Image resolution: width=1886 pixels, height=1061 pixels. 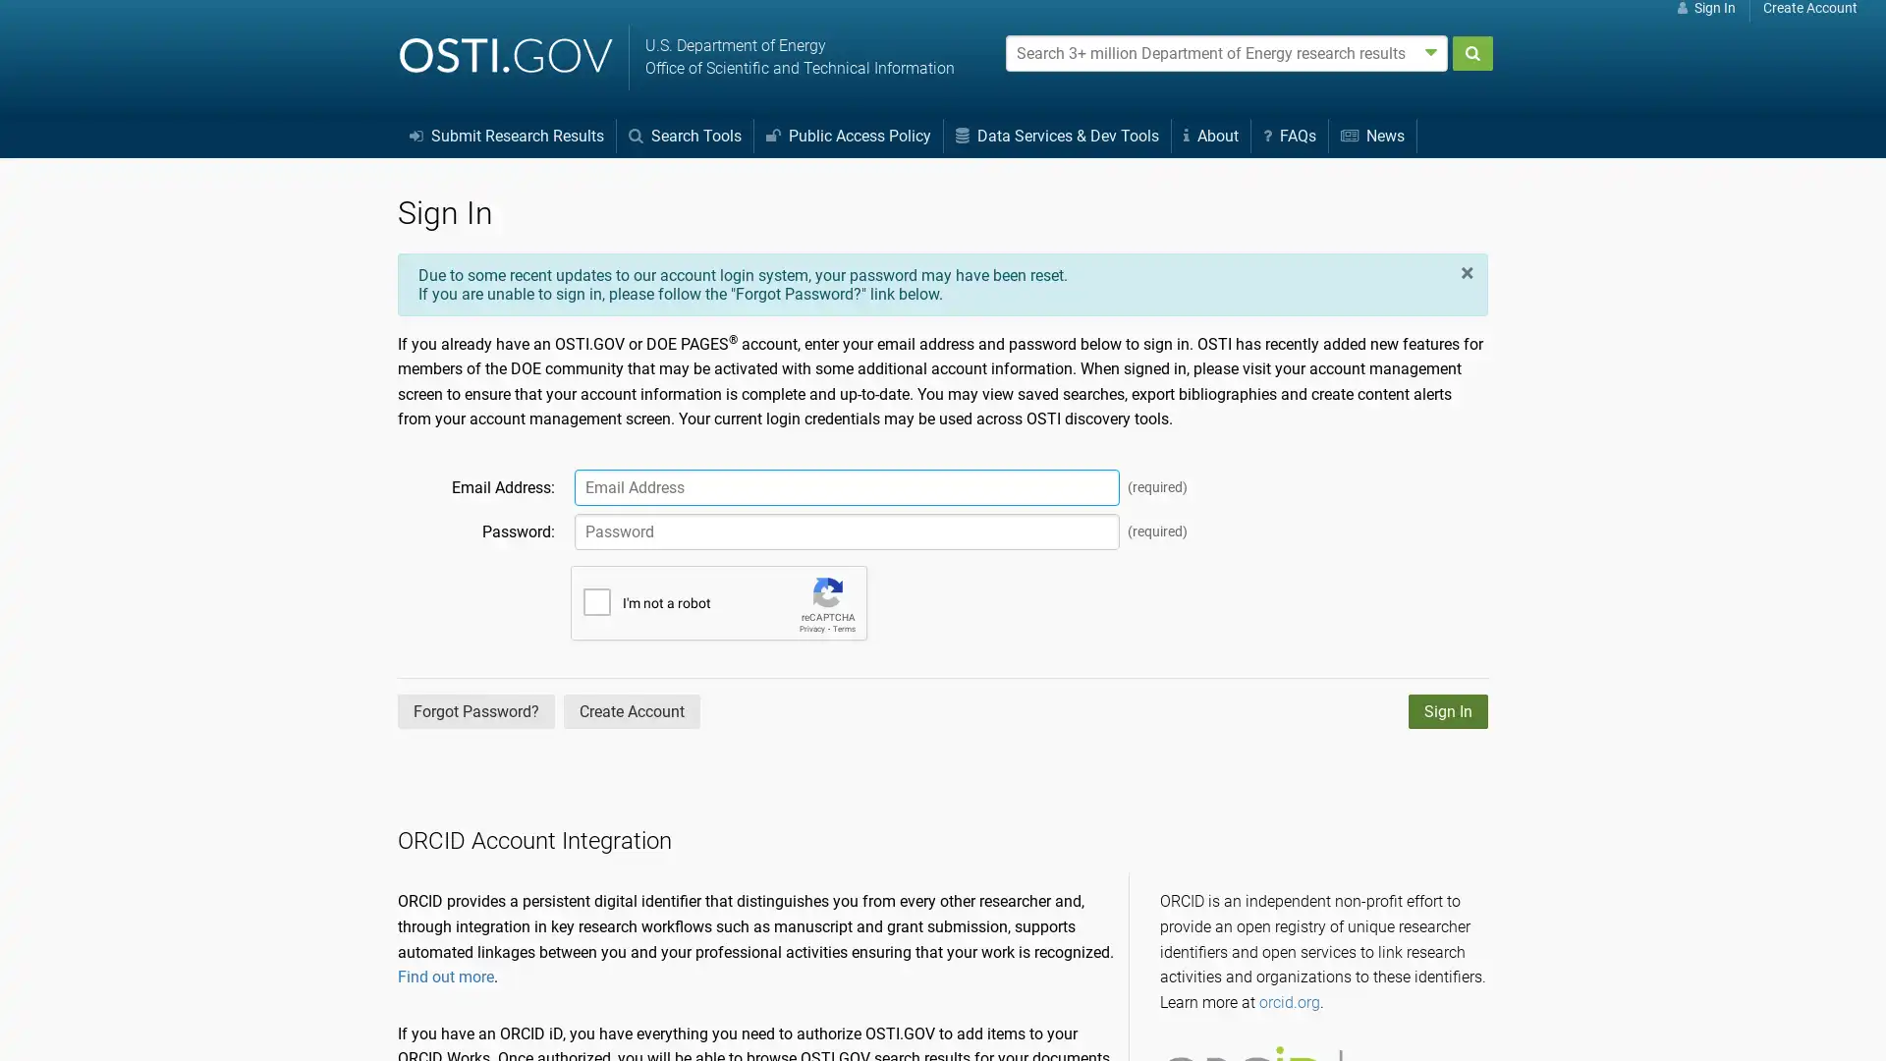 I want to click on Advanced search options, so click(x=1431, y=51).